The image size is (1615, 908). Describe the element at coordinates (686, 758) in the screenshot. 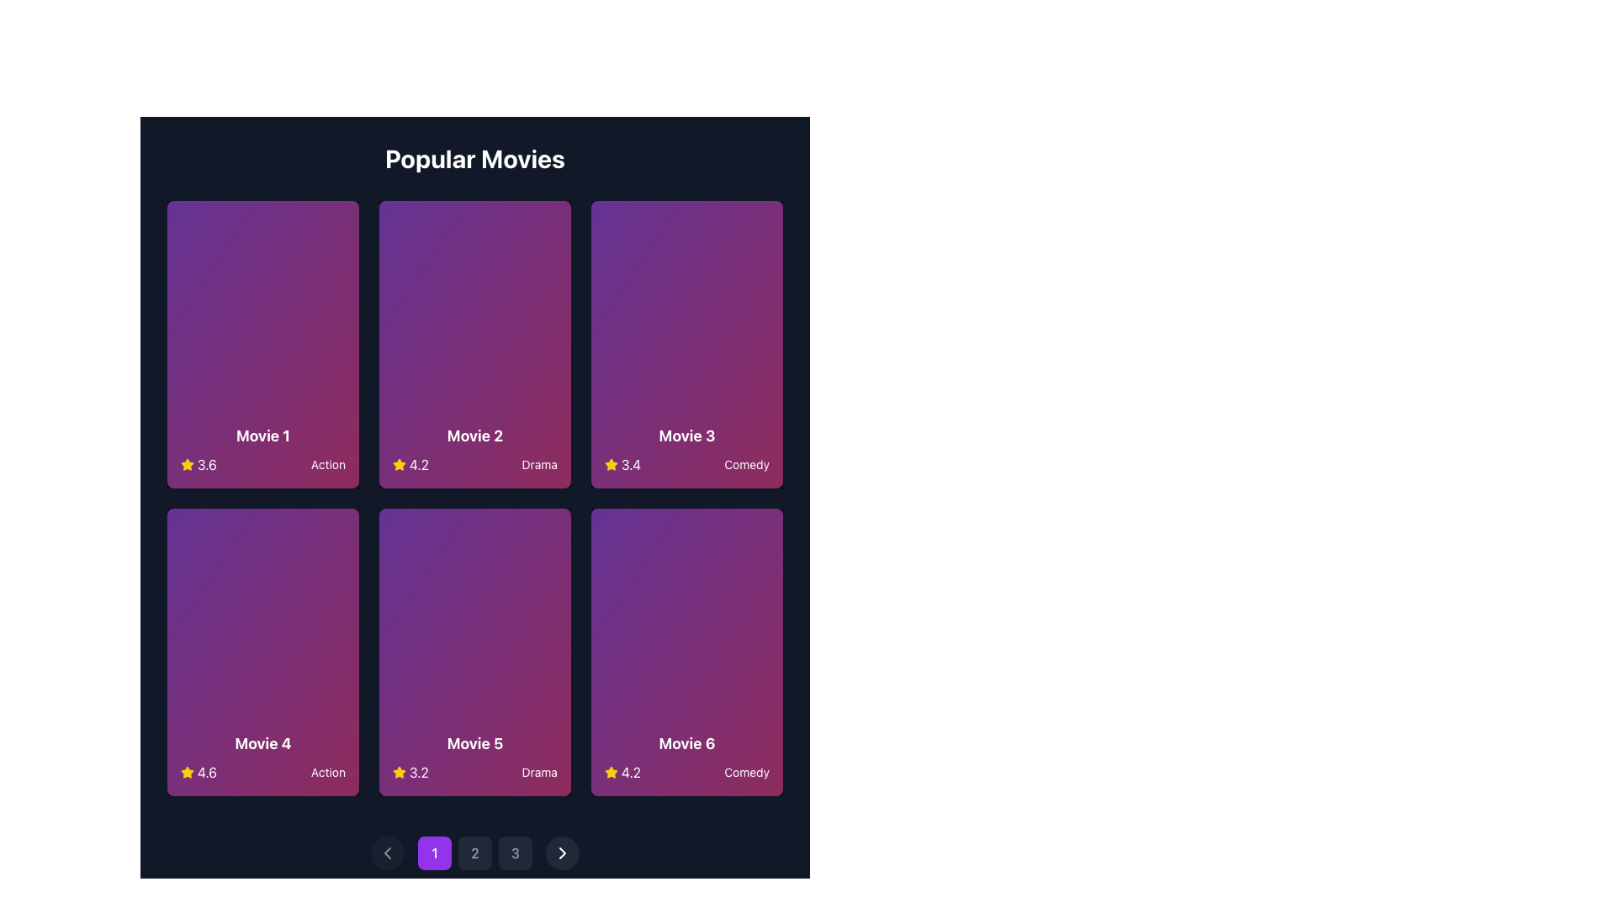

I see `the informational element displaying 'Movie 6' with a rating score of '4.2' and genre label 'Comedy'` at that location.